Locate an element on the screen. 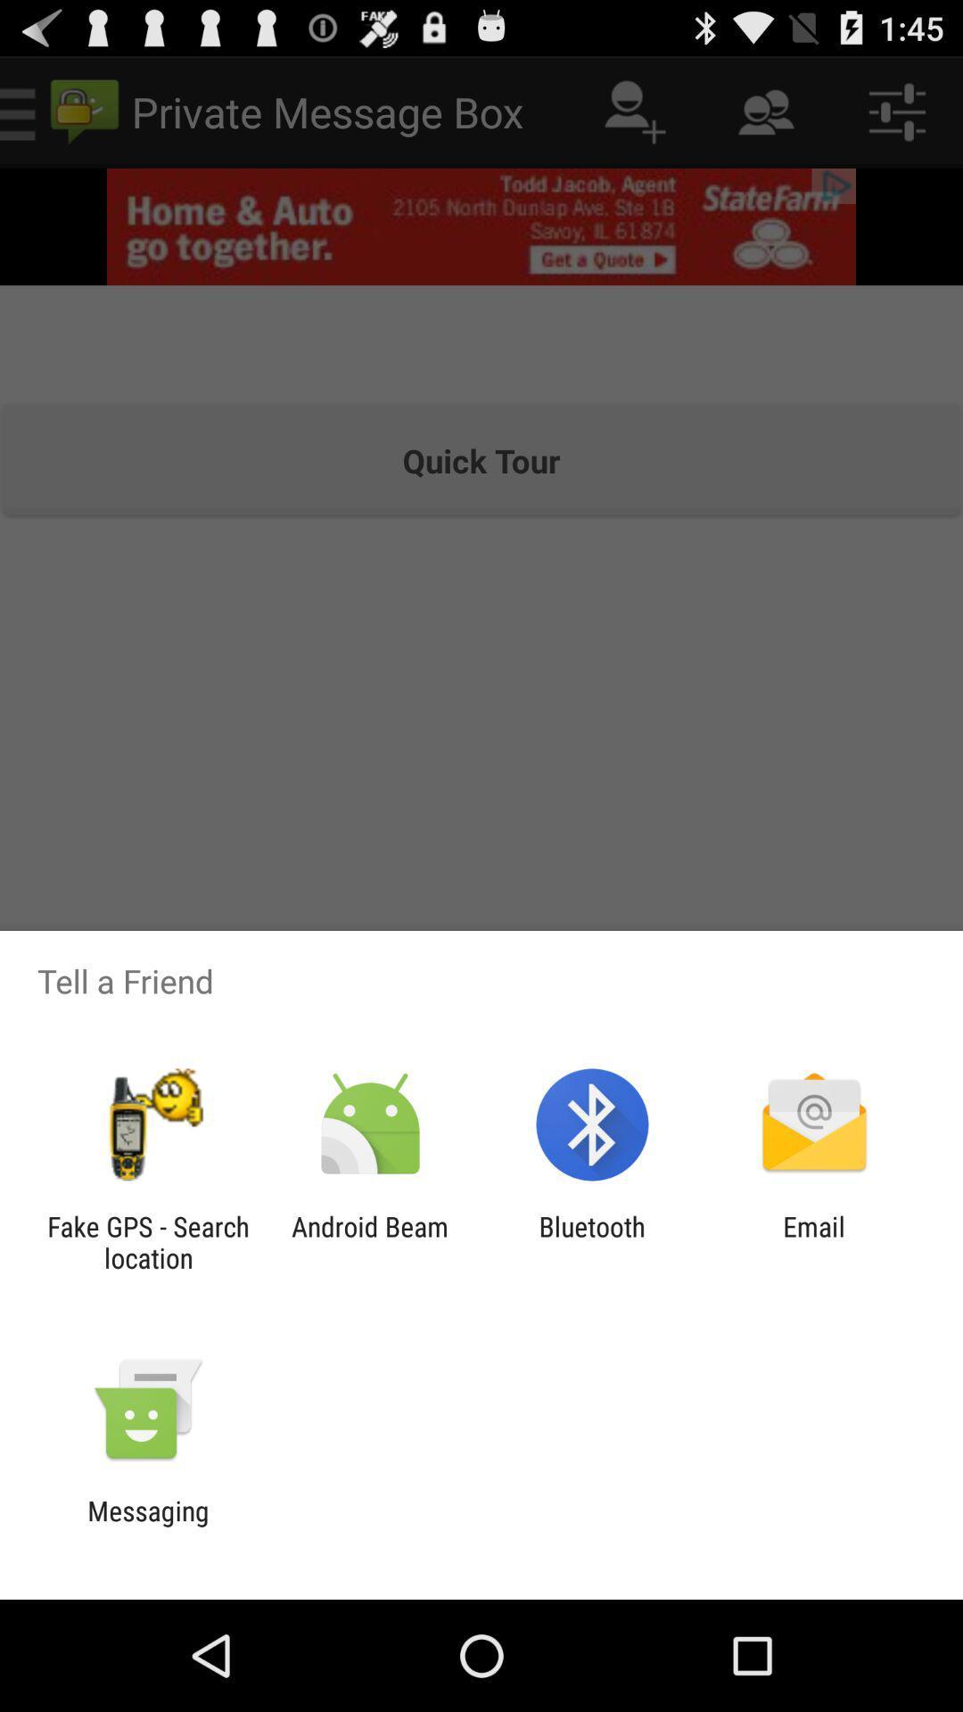  the item next to bluetooth icon is located at coordinates (814, 1241).